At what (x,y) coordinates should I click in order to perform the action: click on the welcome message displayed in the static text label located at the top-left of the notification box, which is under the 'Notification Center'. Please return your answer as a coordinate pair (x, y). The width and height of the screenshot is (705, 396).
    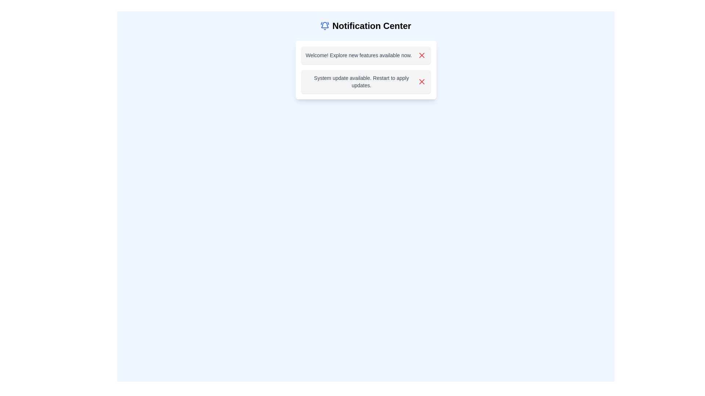
    Looking at the image, I should click on (359, 55).